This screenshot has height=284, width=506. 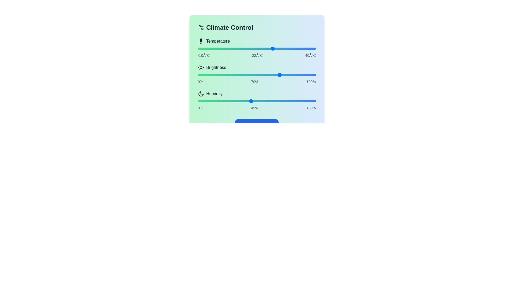 I want to click on the static text label displaying '40Â°C', which is styled in gray and is the last element in a horizontal group of temperature values under the 'Temperature' slider, so click(x=310, y=55).